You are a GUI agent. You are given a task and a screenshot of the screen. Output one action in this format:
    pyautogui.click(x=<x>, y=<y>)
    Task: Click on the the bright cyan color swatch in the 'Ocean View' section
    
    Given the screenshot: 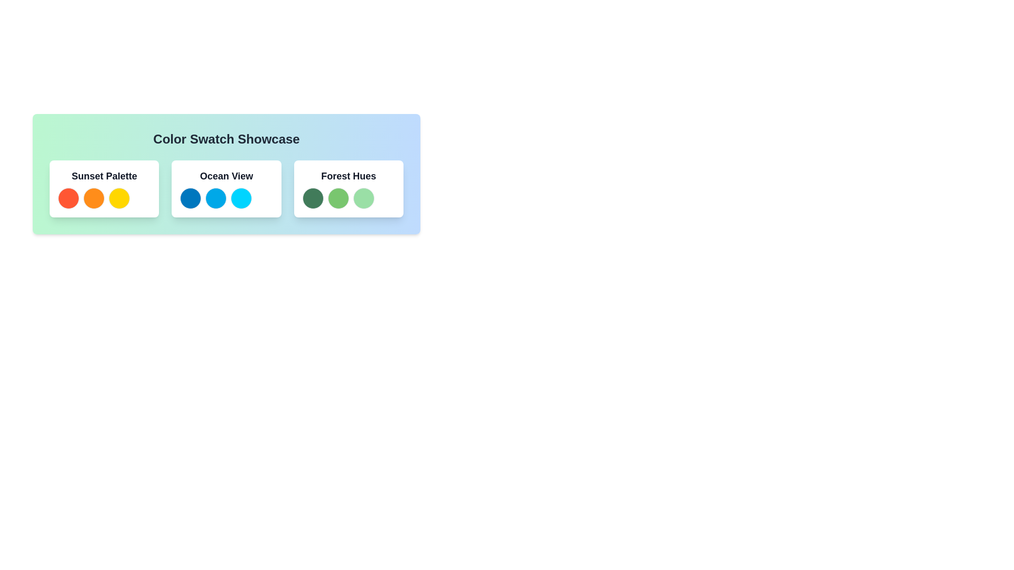 What is the action you would take?
    pyautogui.click(x=241, y=198)
    